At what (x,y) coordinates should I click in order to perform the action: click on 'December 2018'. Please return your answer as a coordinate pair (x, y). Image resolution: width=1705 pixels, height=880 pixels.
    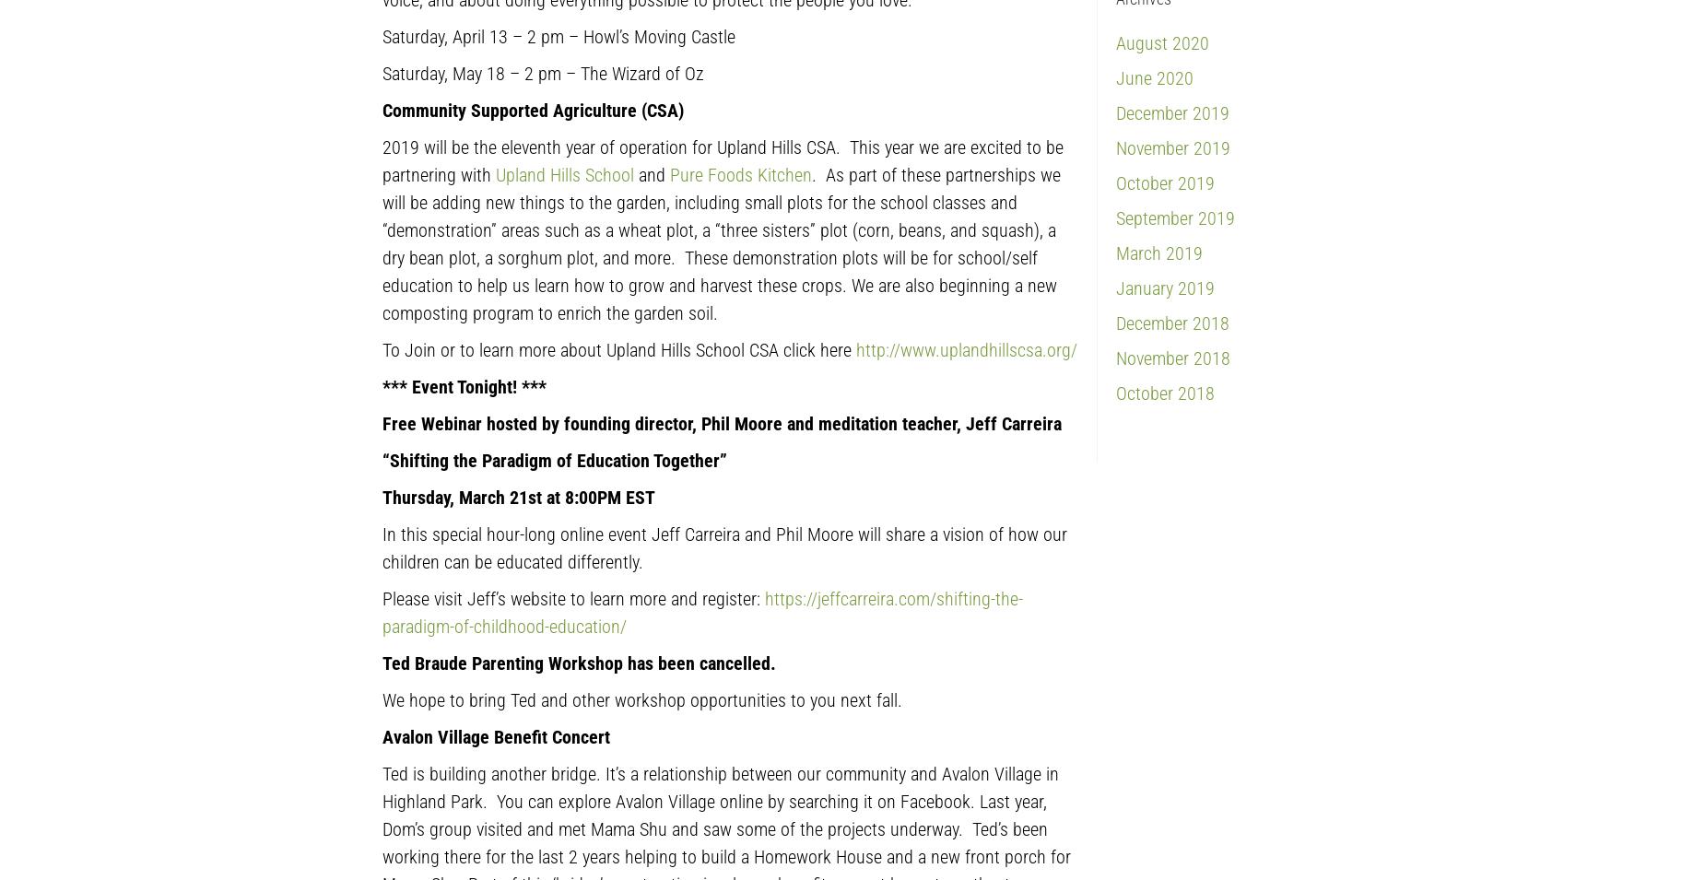
    Looking at the image, I should click on (1171, 322).